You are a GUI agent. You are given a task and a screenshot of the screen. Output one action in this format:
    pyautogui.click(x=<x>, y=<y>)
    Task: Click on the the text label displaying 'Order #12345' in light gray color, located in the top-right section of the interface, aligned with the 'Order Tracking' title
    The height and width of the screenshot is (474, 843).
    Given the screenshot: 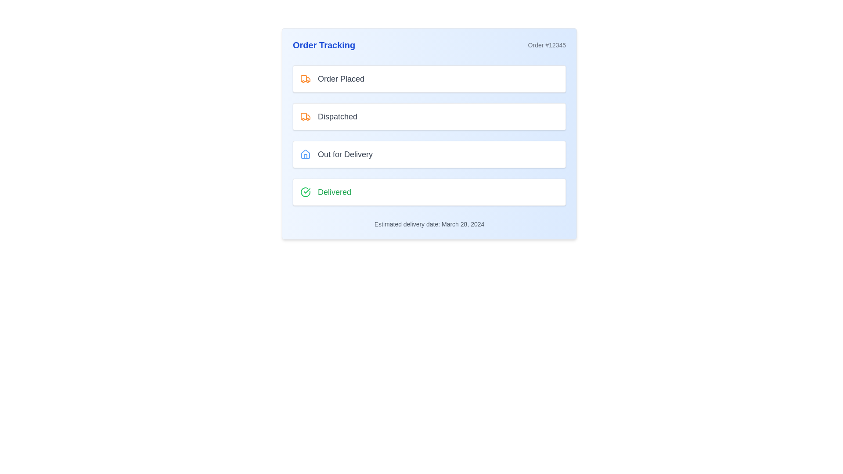 What is the action you would take?
    pyautogui.click(x=546, y=45)
    